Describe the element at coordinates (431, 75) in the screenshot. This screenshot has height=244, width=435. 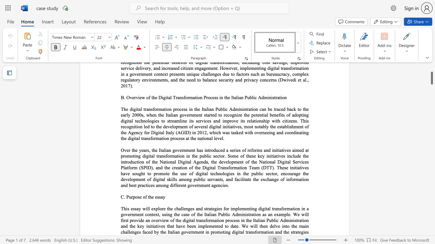
I see `the scrollbar and move down 1610 pixels` at that location.